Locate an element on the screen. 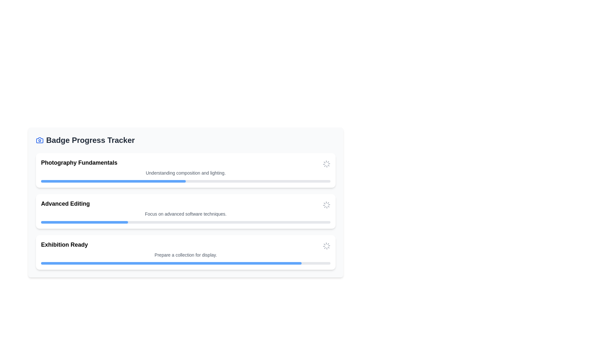  the text label that says 'Prepare a collection for display.' located beneath the title 'Exhibition Ready' in the 'Badge Progress Tracker' module is located at coordinates (185, 254).